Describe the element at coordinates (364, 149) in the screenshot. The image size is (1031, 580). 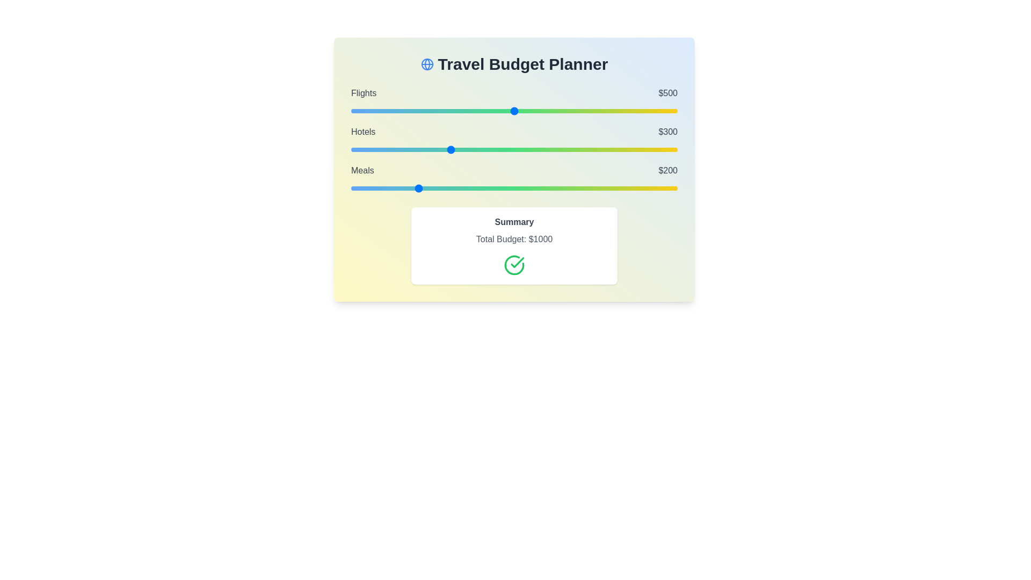
I see `the 'Hotels' slider to 38` at that location.